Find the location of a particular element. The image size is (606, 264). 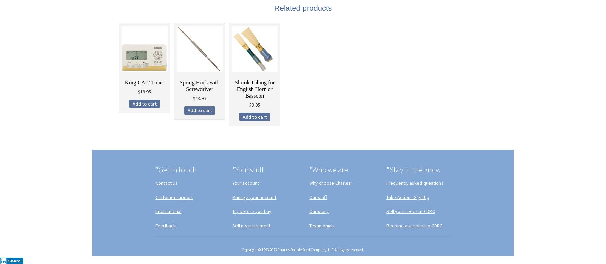

'Take Action - Sign Up' is located at coordinates (407, 196).